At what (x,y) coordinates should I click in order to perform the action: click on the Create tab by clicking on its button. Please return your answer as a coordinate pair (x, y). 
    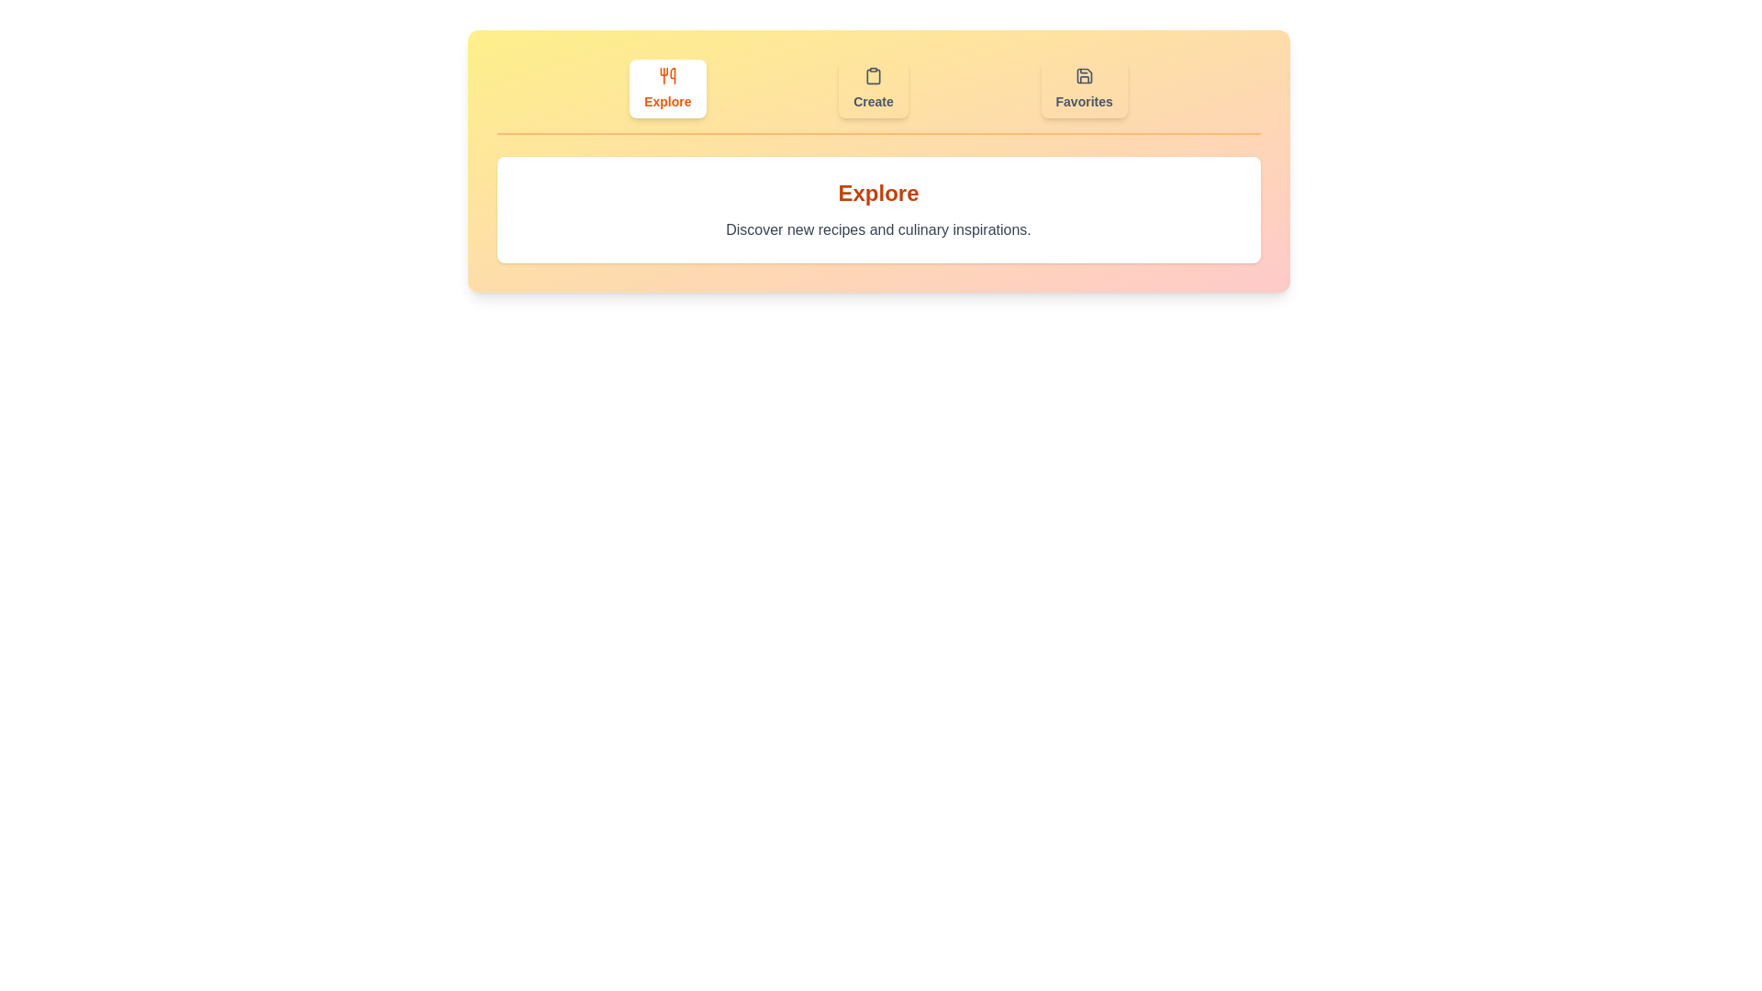
    Looking at the image, I should click on (872, 88).